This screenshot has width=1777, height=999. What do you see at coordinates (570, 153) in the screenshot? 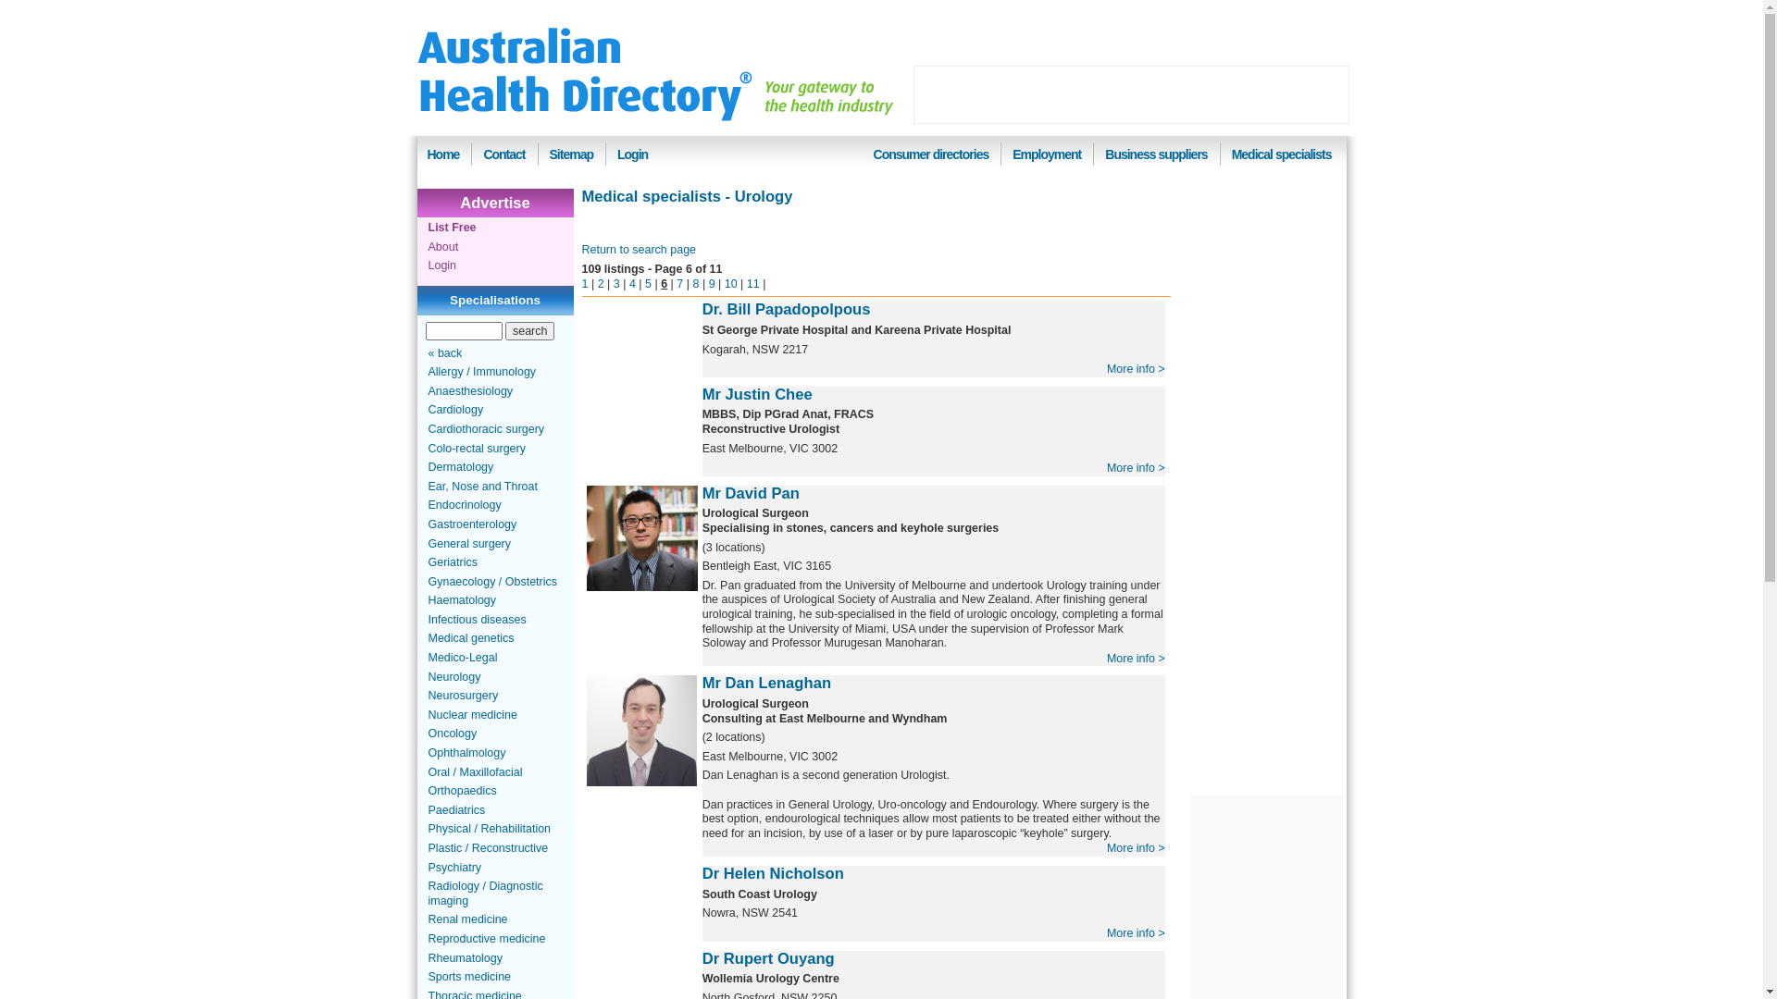
I see `'Sitemap'` at bounding box center [570, 153].